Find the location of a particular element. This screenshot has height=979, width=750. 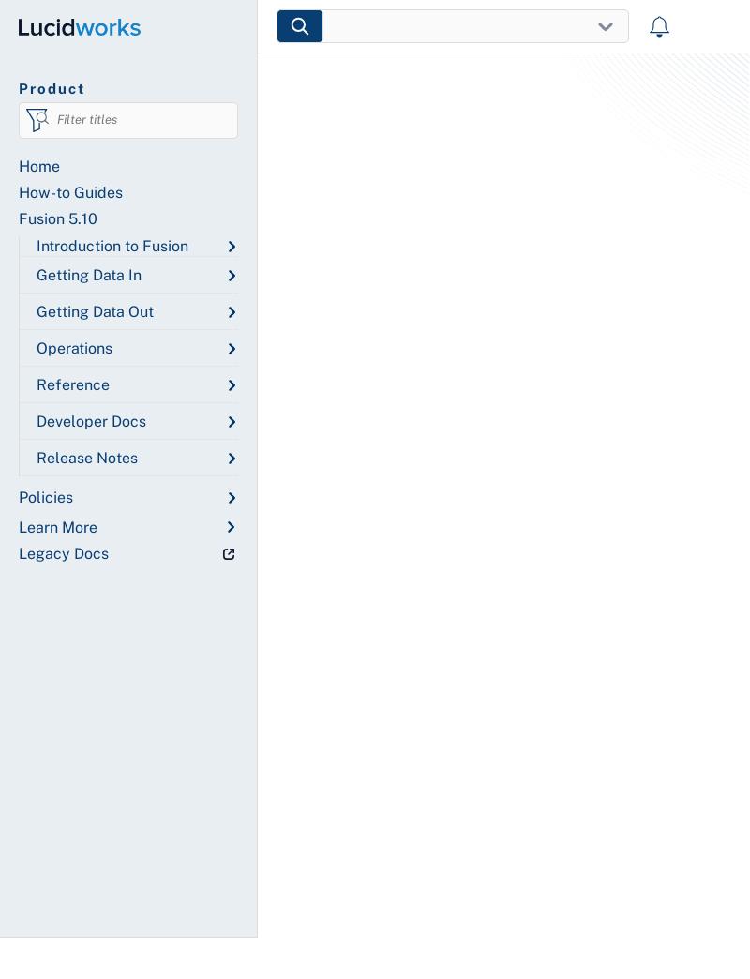

'Release Notes' is located at coordinates (86, 458).